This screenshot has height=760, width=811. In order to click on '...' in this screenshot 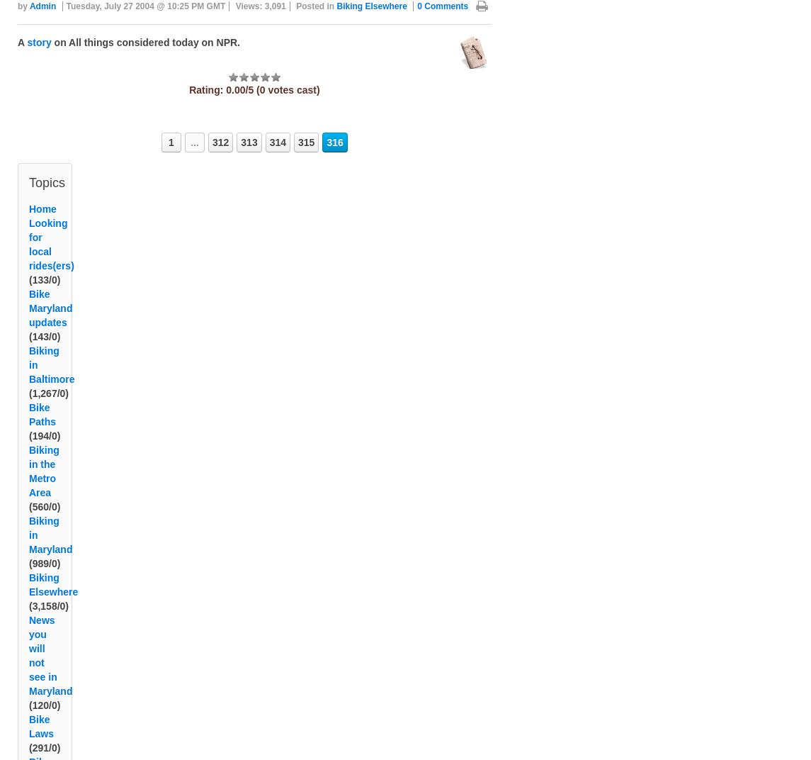, I will do `click(193, 141)`.